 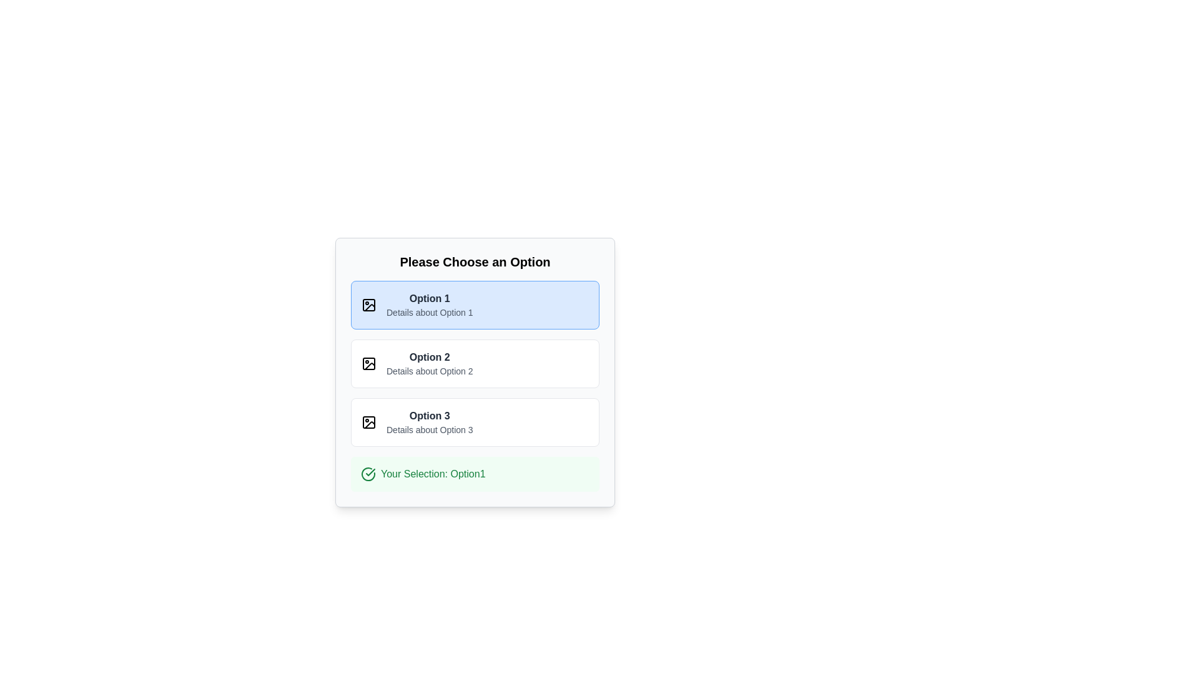 I want to click on the checkmark graphic located at the bottom center of the circular icon in the confirmation section below the options list, so click(x=370, y=472).